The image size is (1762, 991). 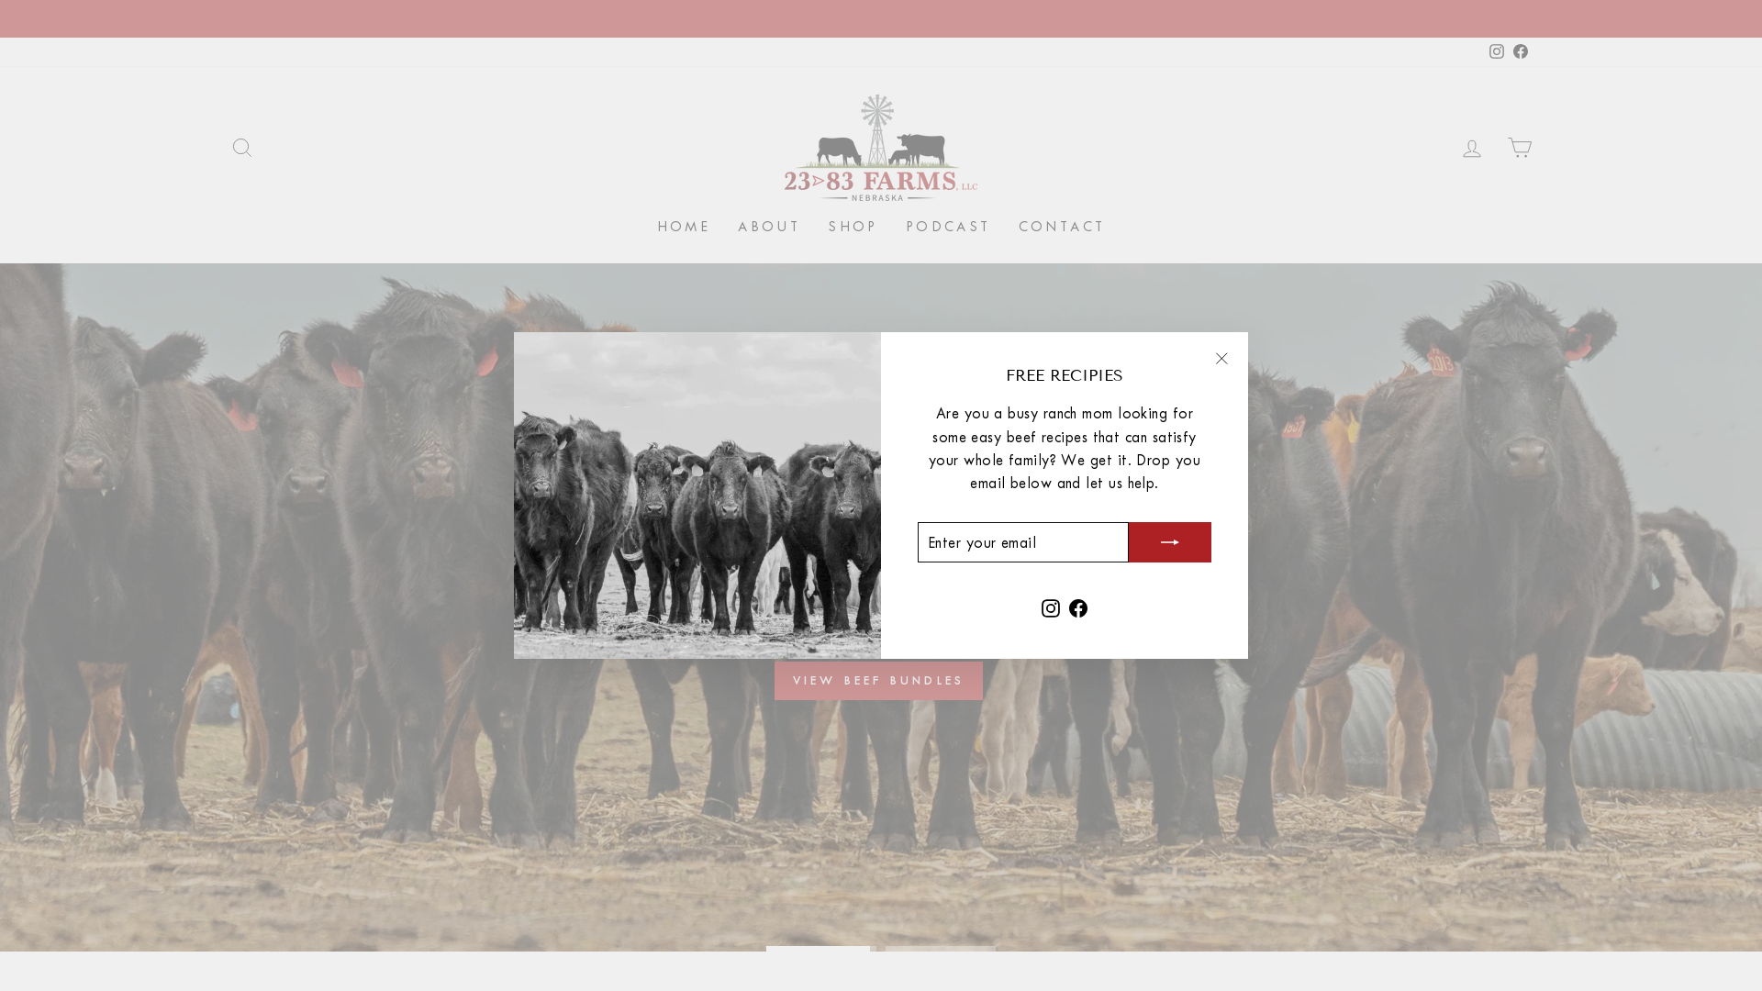 I want to click on 'ABOUT', so click(x=769, y=226).